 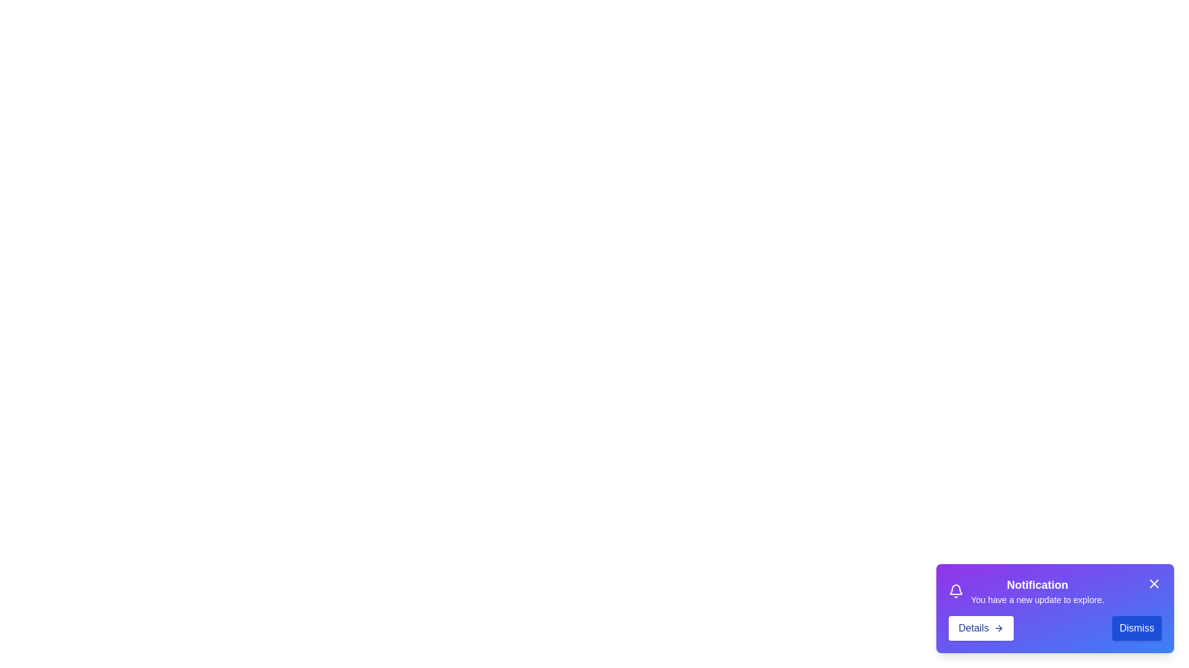 I want to click on the right-arrow icon in the 'Details' button located at the bottom-right corner of the notification popup, so click(x=1000, y=628).